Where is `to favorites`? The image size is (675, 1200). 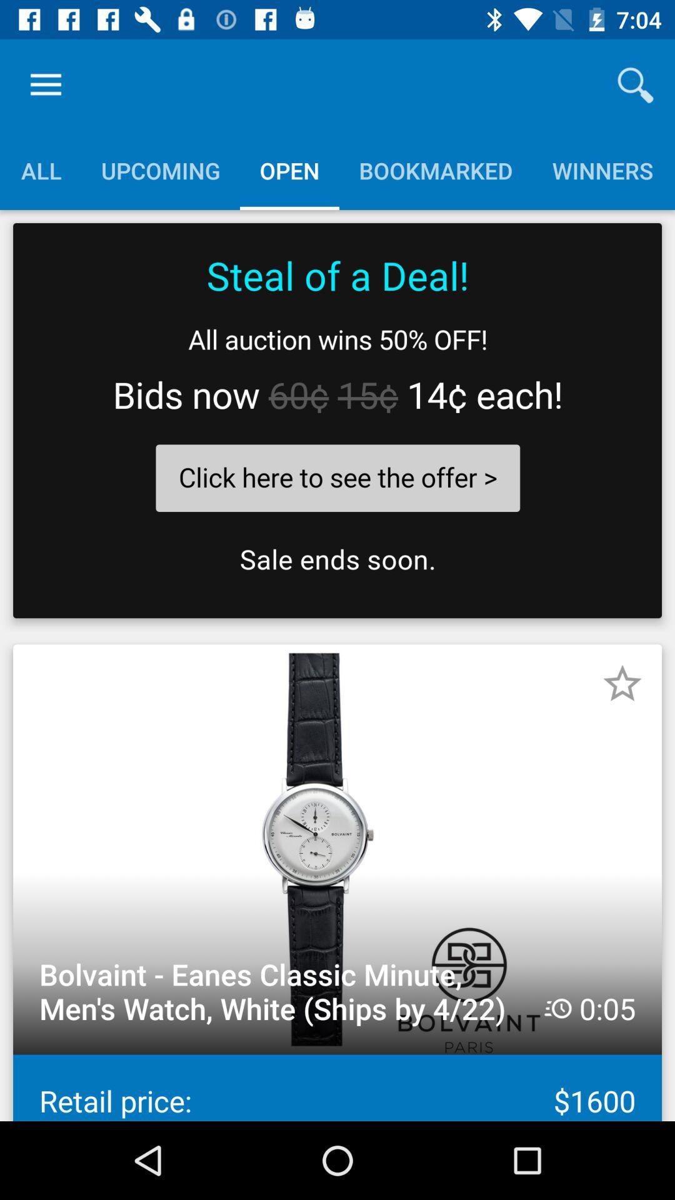
to favorites is located at coordinates (622, 683).